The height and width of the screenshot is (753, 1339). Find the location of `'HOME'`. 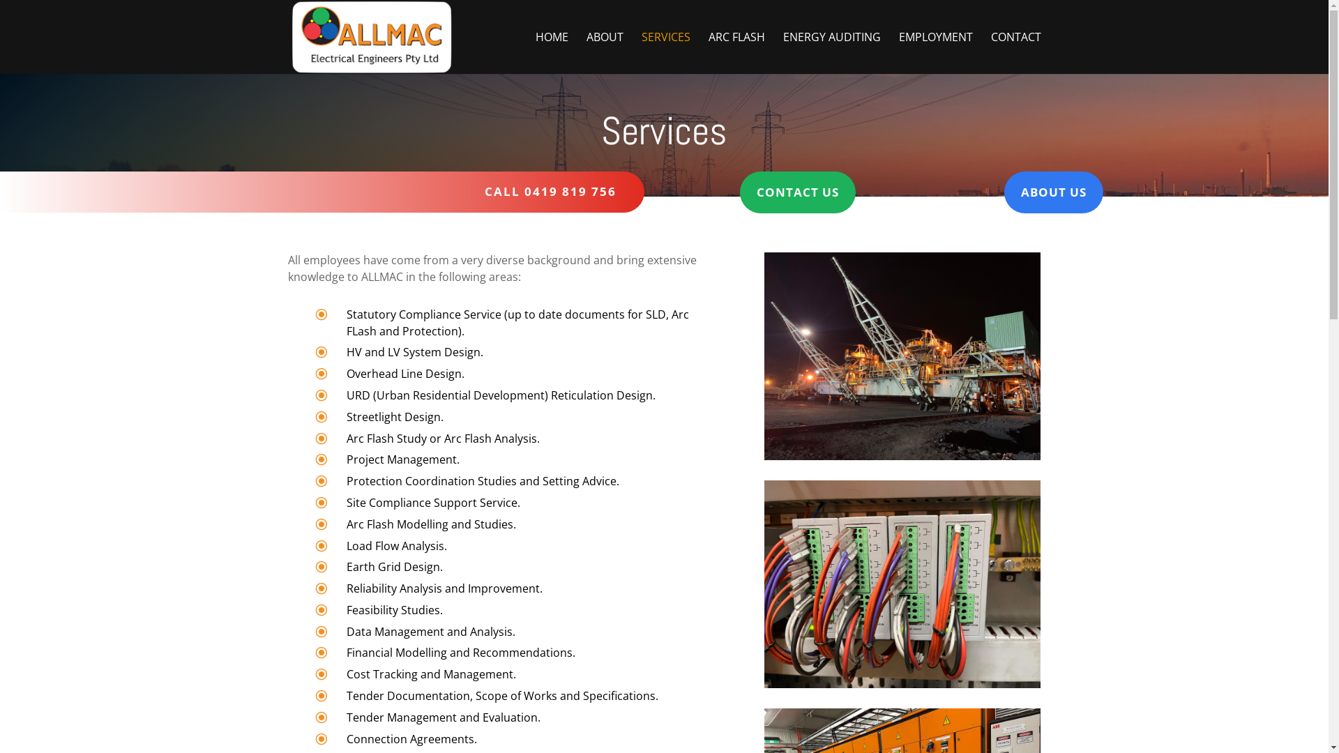

'HOME' is located at coordinates (551, 52).